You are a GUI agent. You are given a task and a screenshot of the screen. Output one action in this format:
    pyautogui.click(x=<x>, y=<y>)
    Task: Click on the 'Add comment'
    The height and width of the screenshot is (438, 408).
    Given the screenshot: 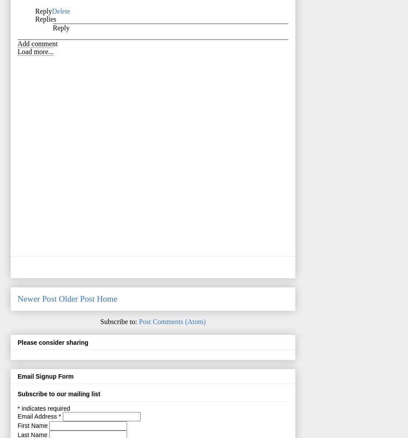 What is the action you would take?
    pyautogui.click(x=17, y=44)
    